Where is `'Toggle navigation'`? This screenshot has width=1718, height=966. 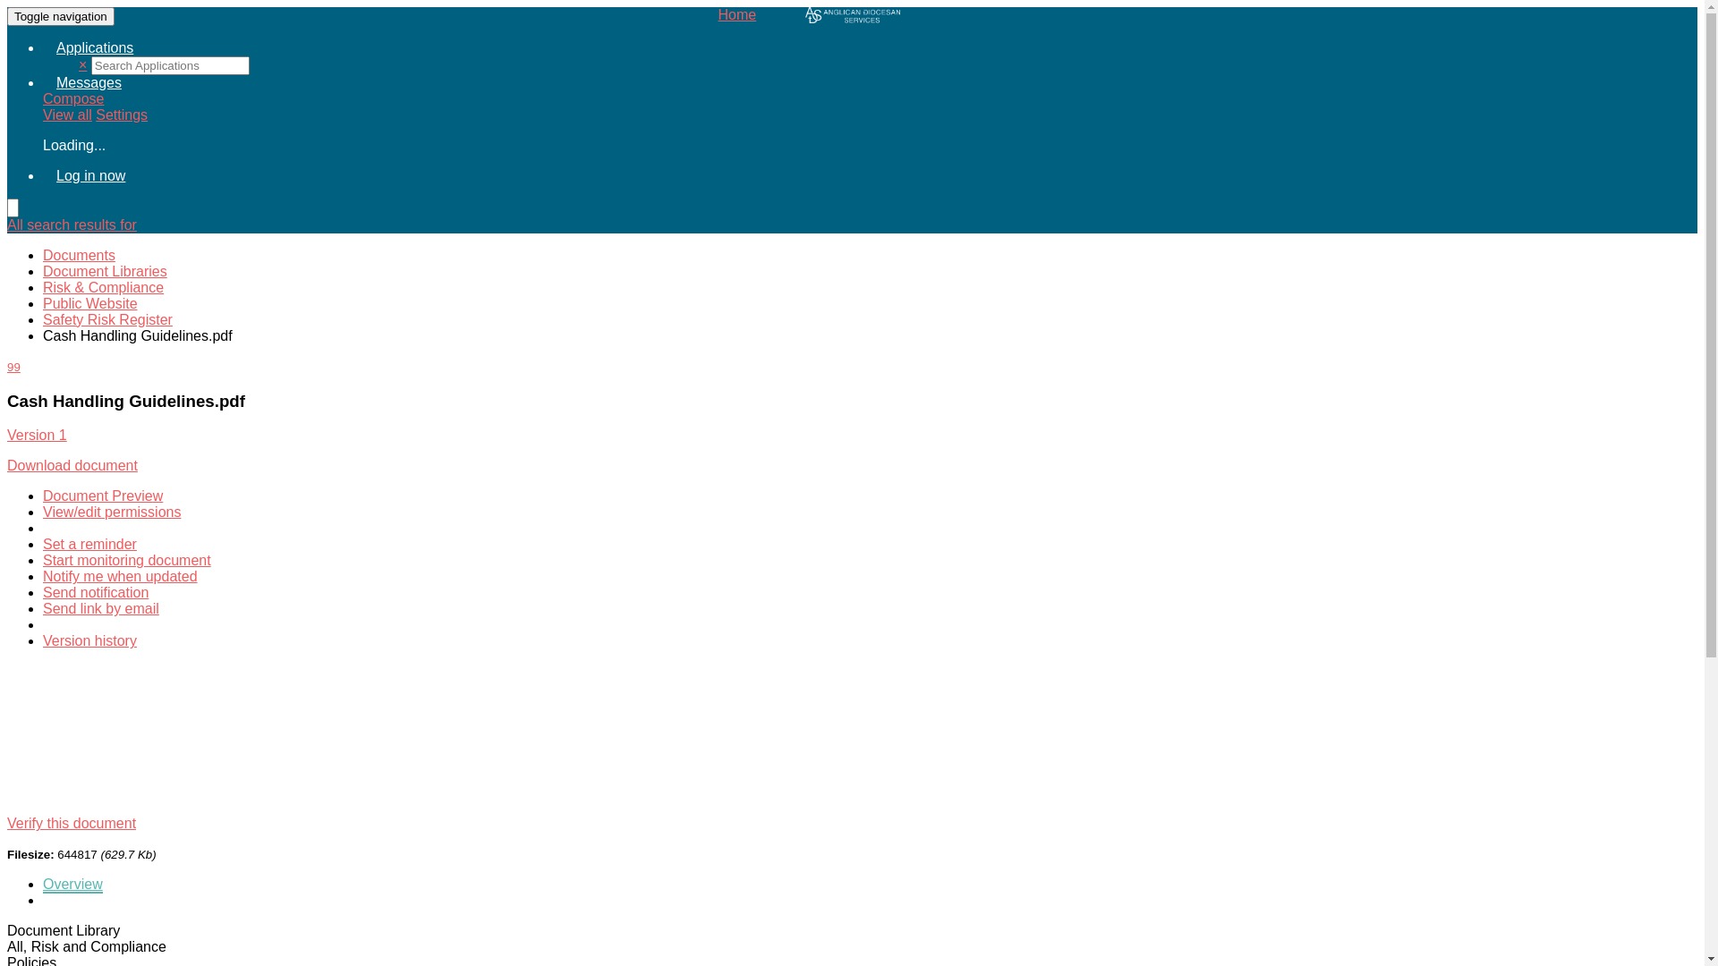
'Toggle navigation' is located at coordinates (60, 16).